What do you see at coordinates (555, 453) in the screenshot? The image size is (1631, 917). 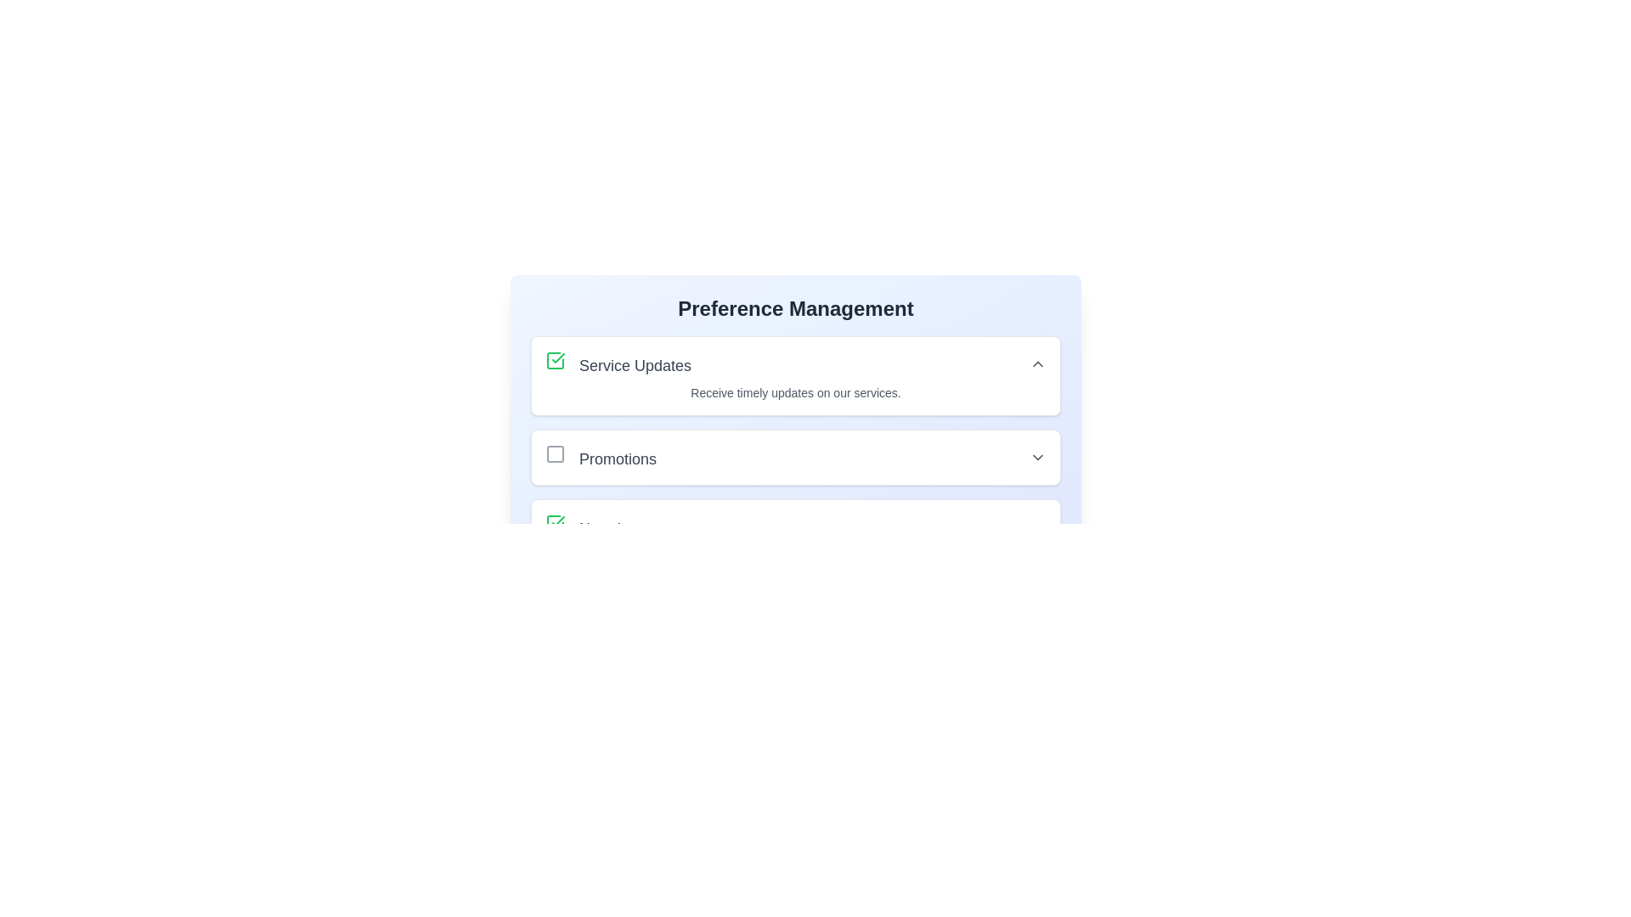 I see `the checkbox for 'Promotions' within the 'Preference Management' list` at bounding box center [555, 453].